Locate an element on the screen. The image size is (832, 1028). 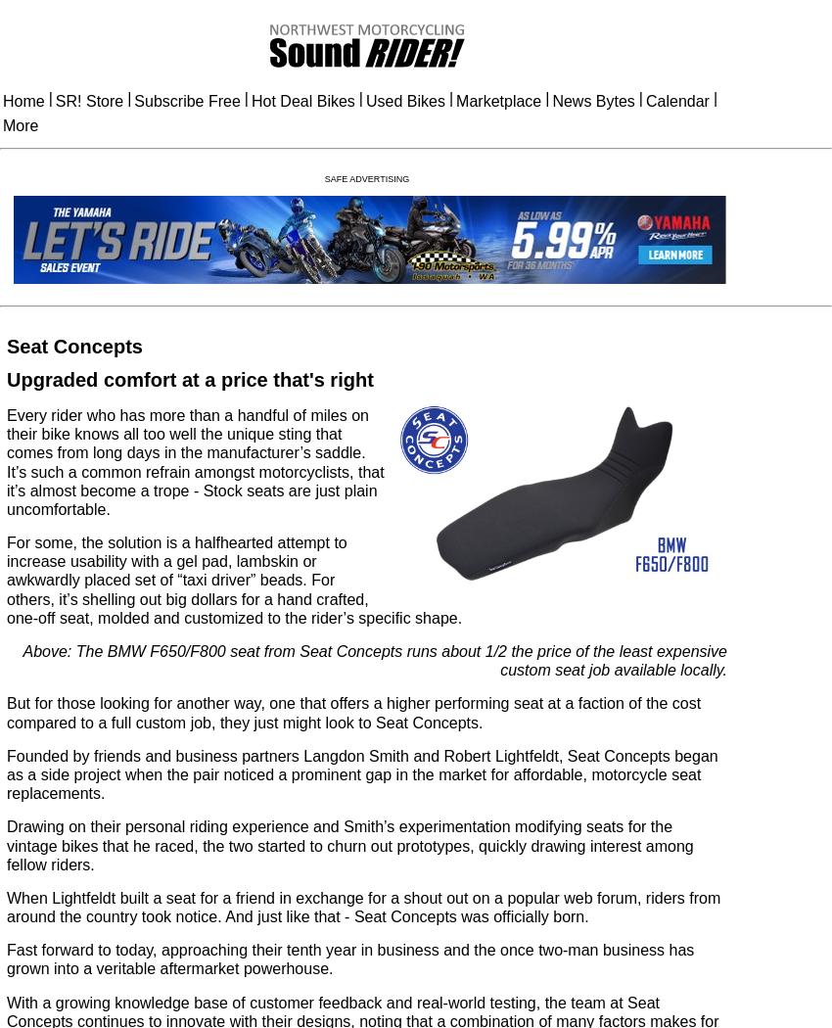
'Drawing on their personal riding experience and Smith’s experimentation
    modifying seats for the vintage bikes that he raced, the two started to
    churn out prototypes, quickly drawing interest among fellow riders.' is located at coordinates (348, 844).